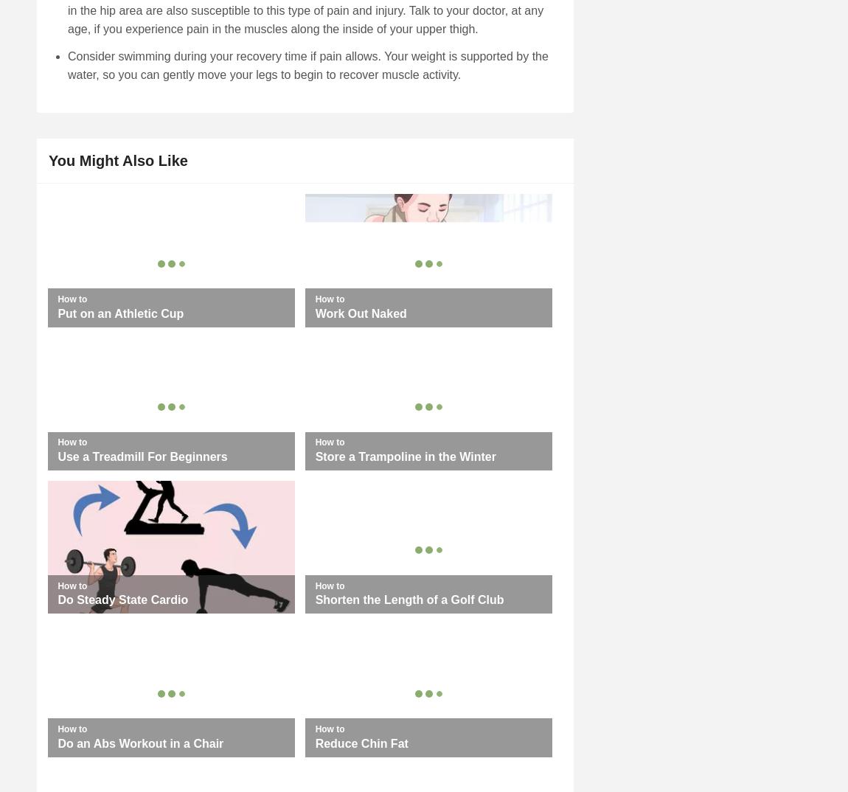  I want to click on 'Shorten the Length of a Golf Club', so click(409, 600).